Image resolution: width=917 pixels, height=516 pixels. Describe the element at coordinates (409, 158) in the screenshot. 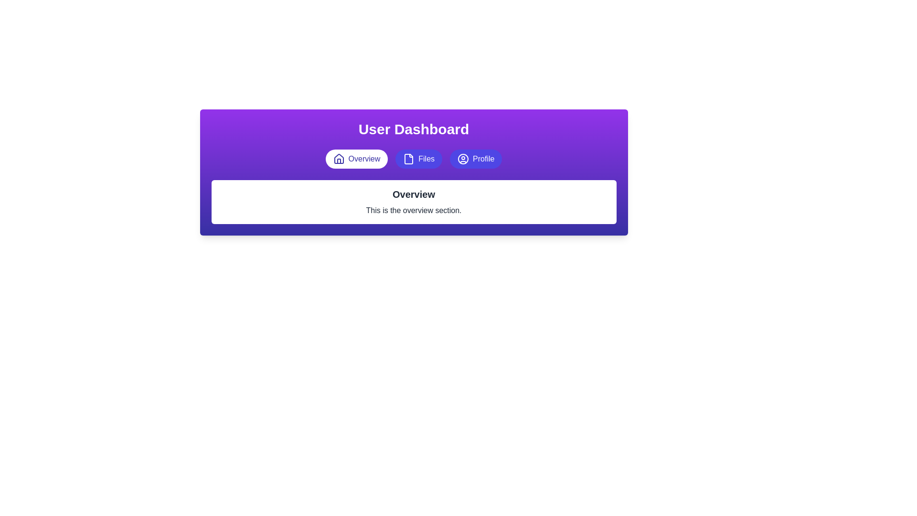

I see `the 'Files' section icon located in the navigation menu, which is positioned directly to the left of the 'Files' text label` at that location.